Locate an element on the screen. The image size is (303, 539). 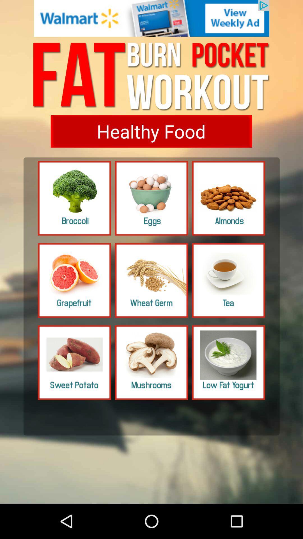
details about wheat germ is located at coordinates (151, 280).